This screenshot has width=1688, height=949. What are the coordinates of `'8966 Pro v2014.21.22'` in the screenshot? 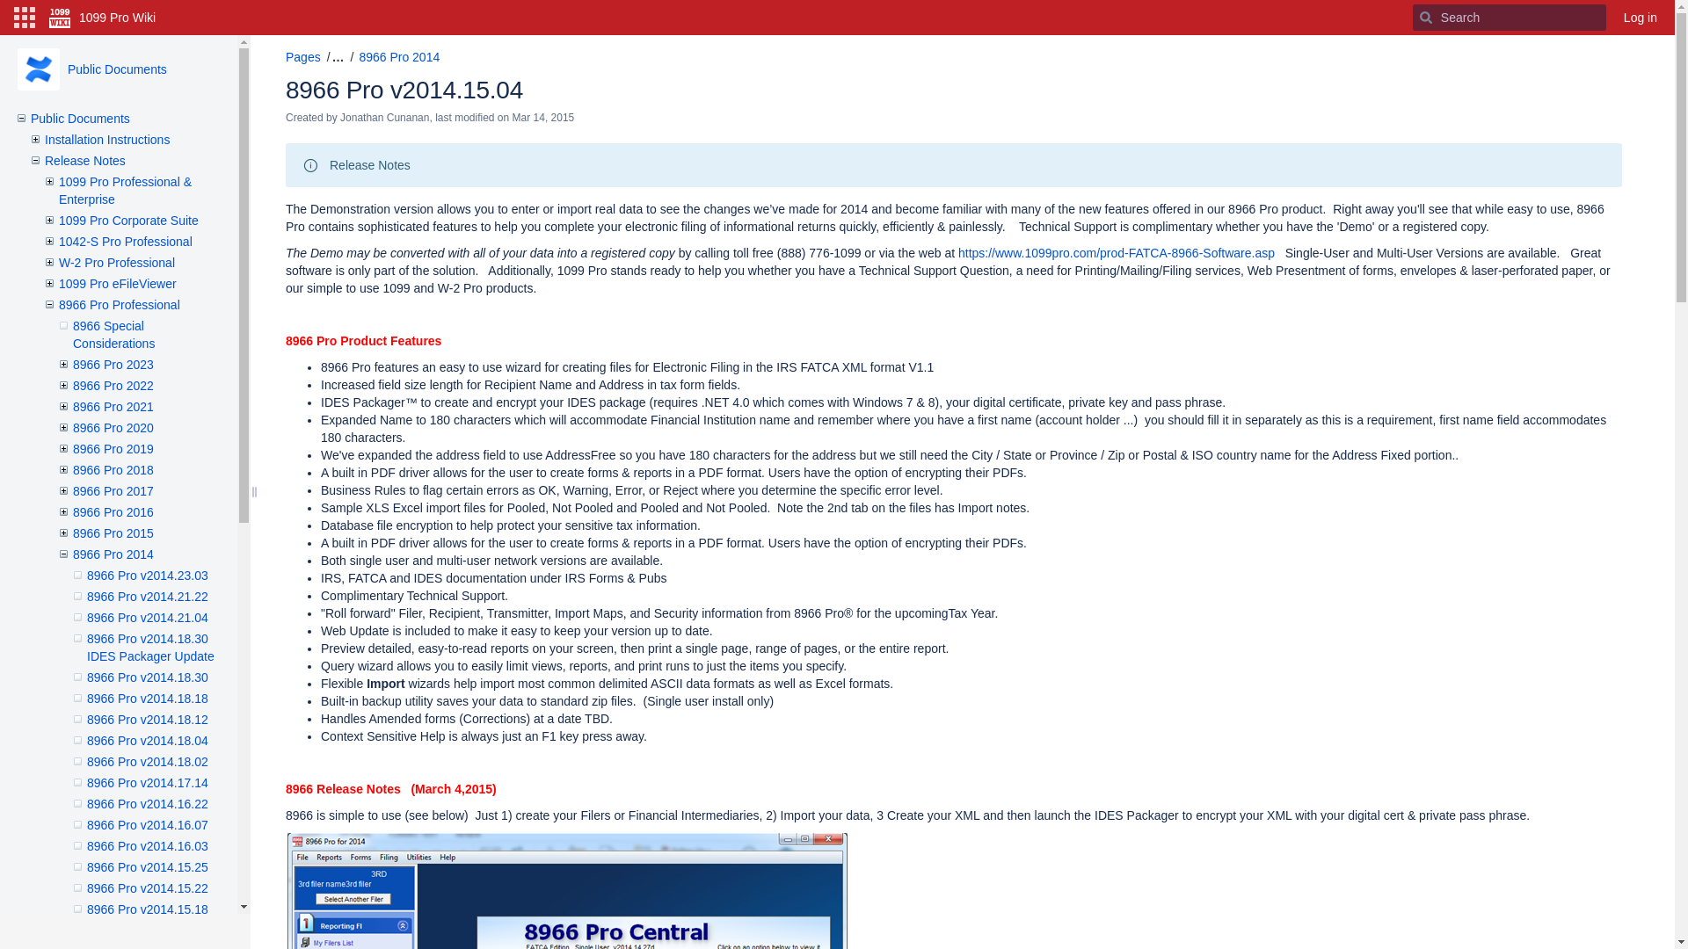 It's located at (148, 595).